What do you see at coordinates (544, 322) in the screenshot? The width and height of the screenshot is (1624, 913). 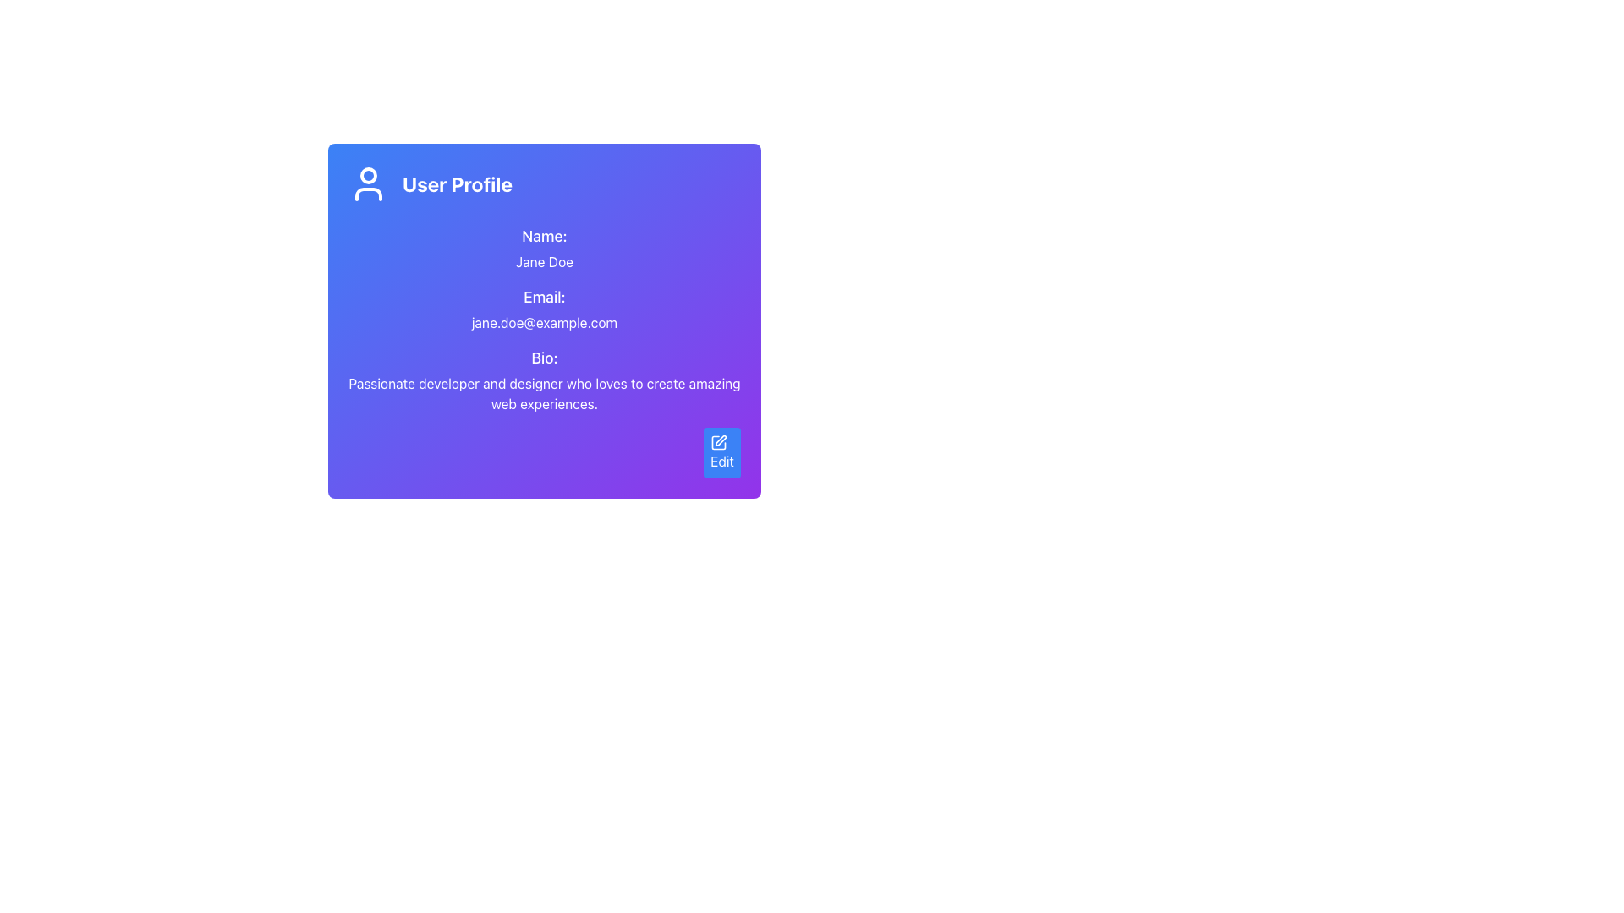 I see `the static text displaying the email address, which is located directly below the label 'Email:' in the user profile box on a gradient blue-purple background` at bounding box center [544, 322].